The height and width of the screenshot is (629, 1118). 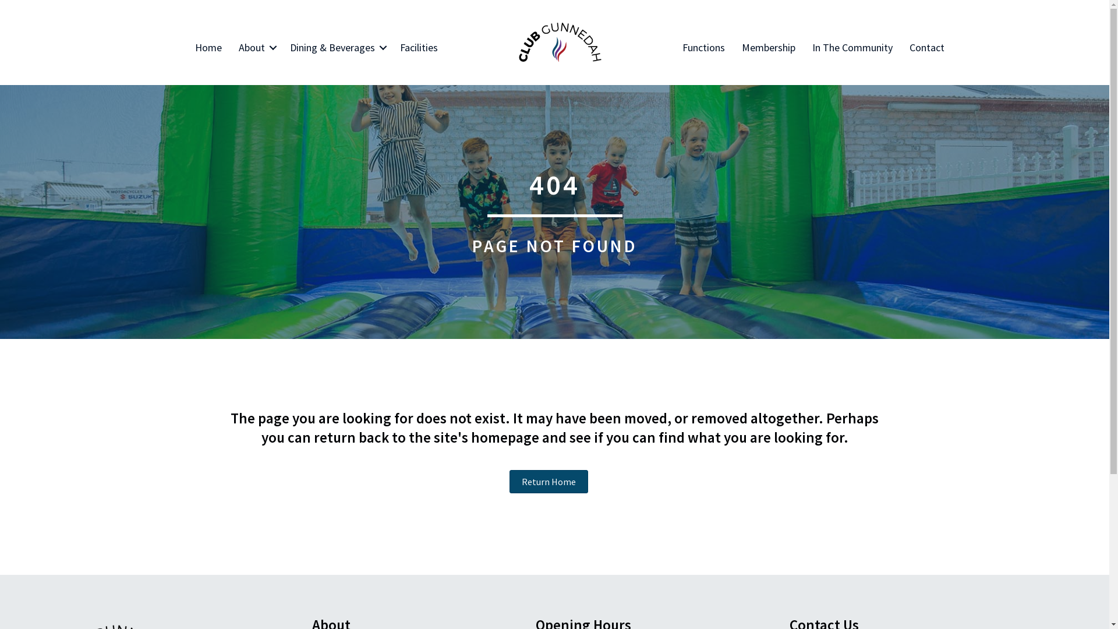 What do you see at coordinates (548, 481) in the screenshot?
I see `'Return Home'` at bounding box center [548, 481].